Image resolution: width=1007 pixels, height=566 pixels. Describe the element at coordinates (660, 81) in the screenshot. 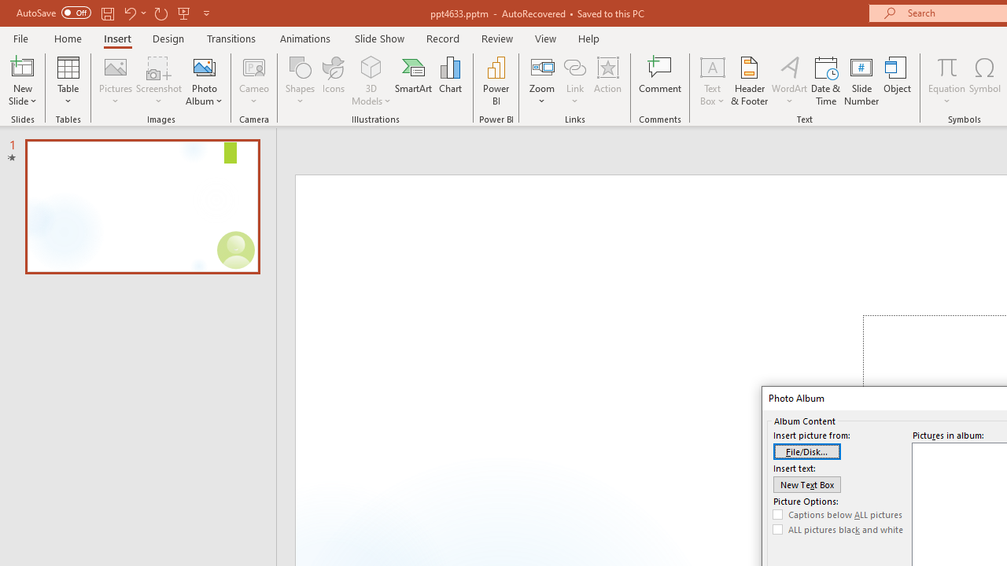

I see `'Comment'` at that location.